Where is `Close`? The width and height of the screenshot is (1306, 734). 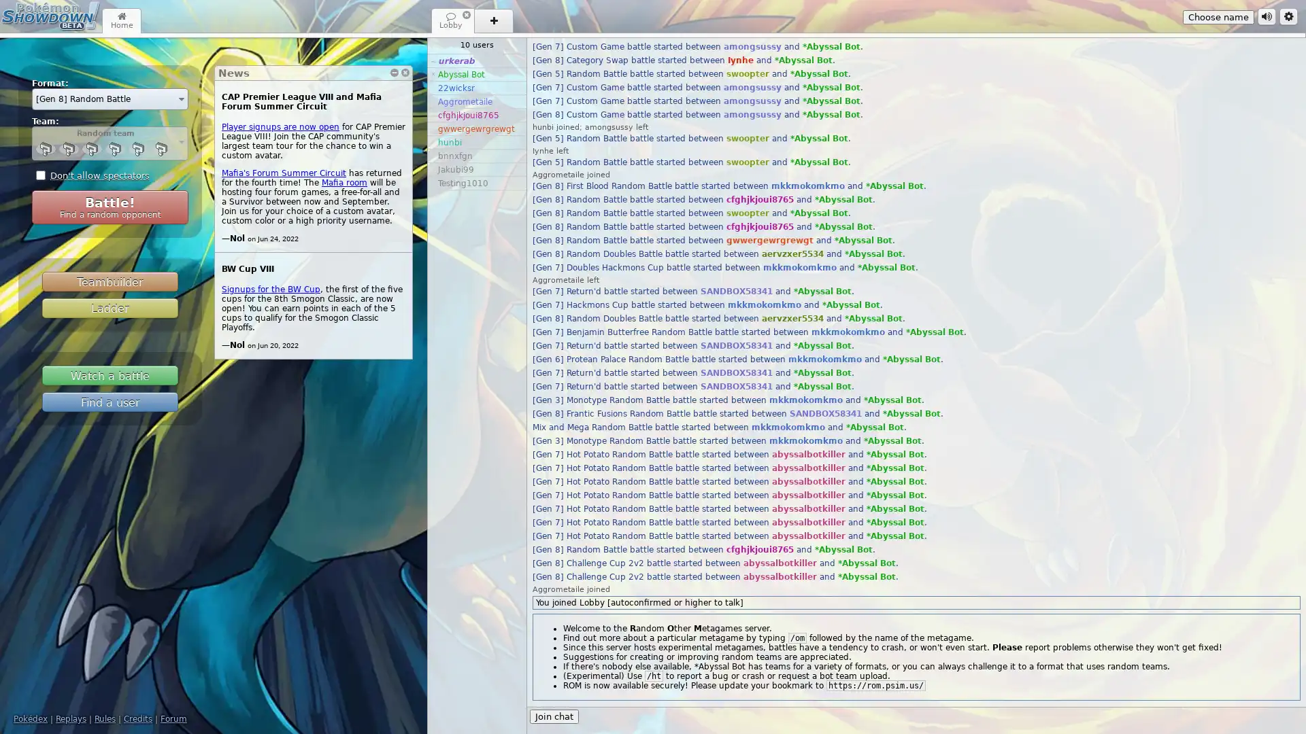
Close is located at coordinates (468, 15).